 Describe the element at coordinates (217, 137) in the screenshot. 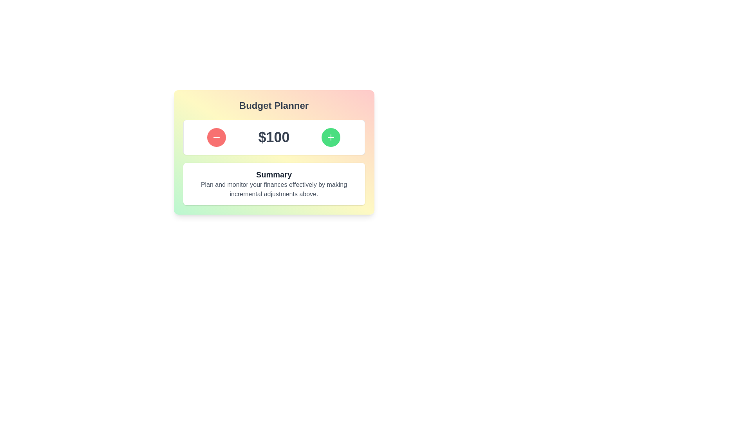

I see `the decrement button located in the left section of the interactive panel to decrease the value displayed nearby` at that location.